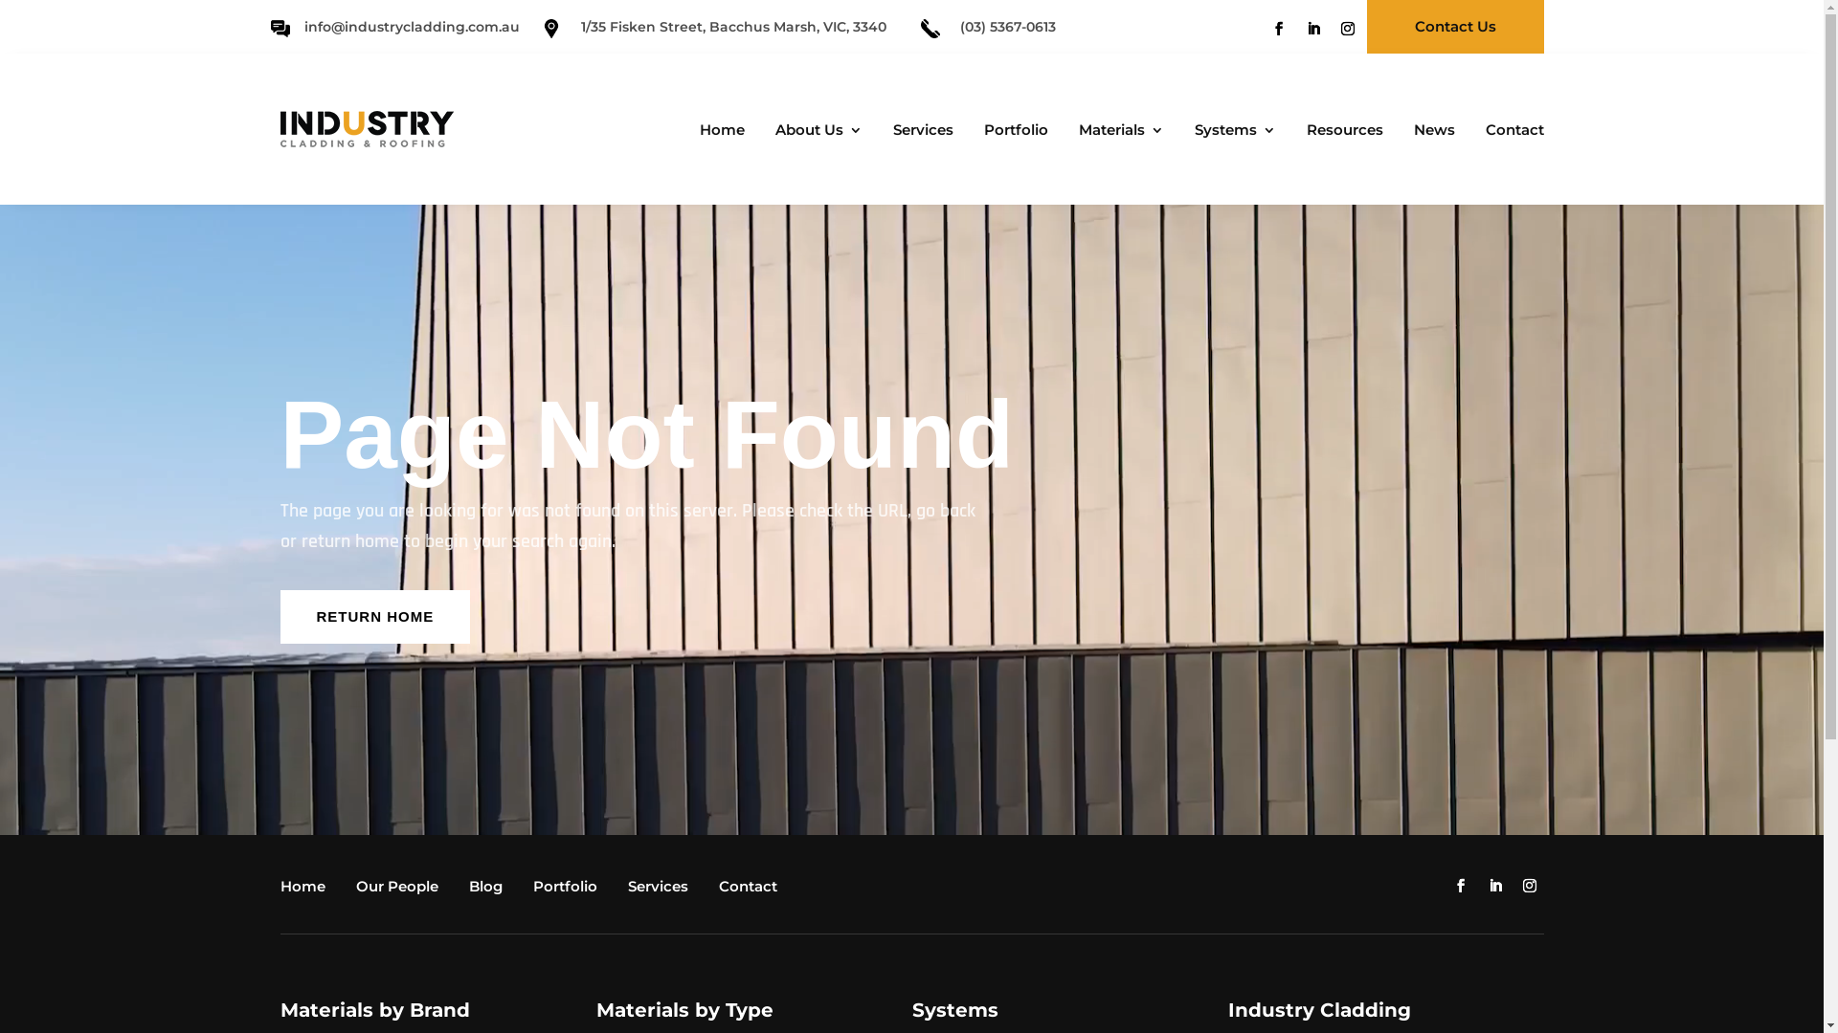  Describe the element at coordinates (662, 890) in the screenshot. I see `'Services'` at that location.